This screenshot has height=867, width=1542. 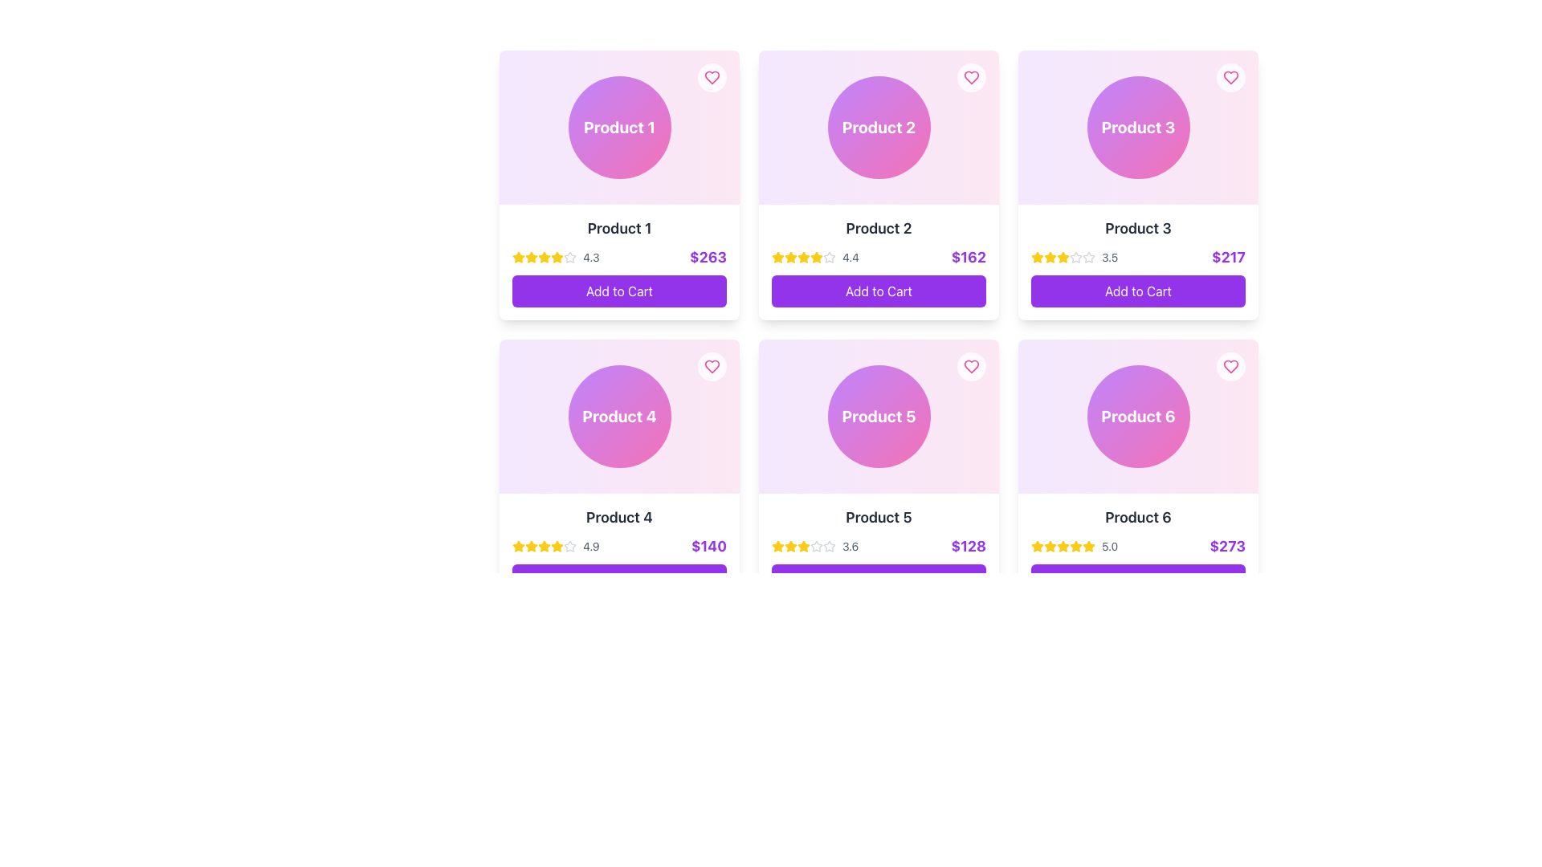 I want to click on the Rating and Price Display for Product 1, which shows a rating of '4.3' and a price of '$263', so click(x=618, y=256).